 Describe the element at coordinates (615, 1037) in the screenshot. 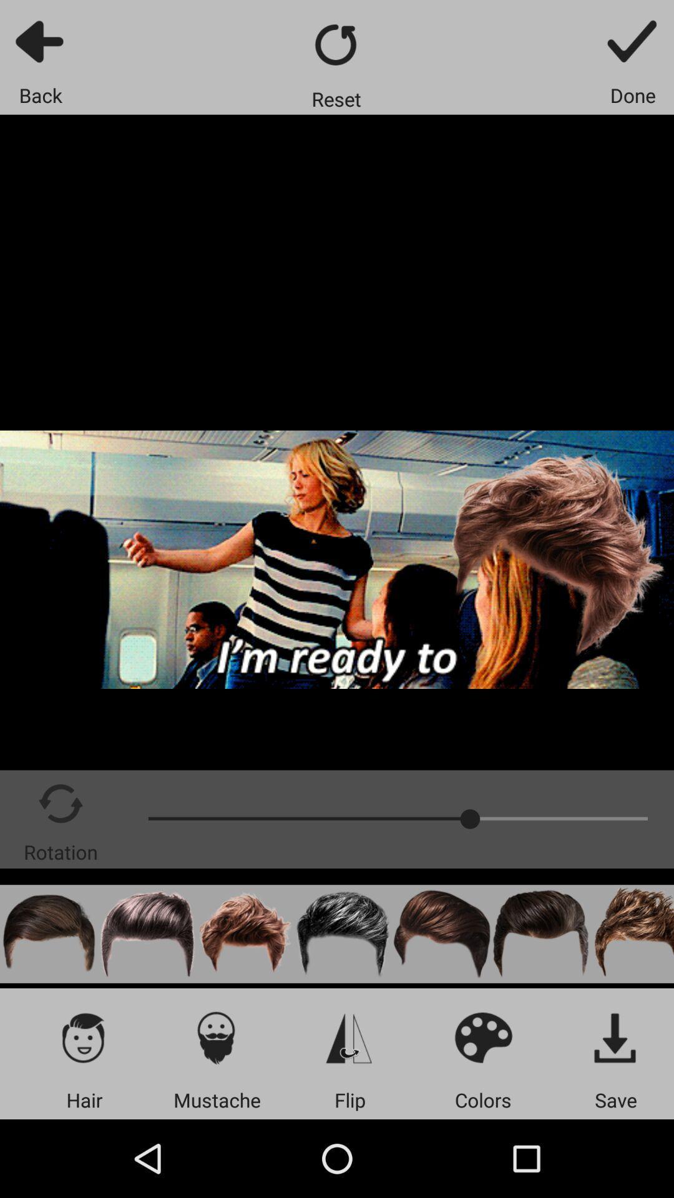

I see `save` at that location.